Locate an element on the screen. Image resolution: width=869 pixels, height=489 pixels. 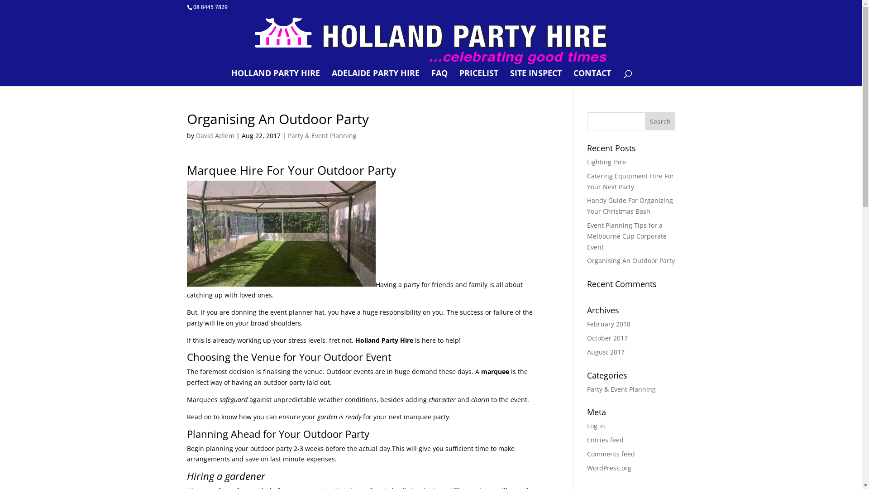
'08 8445 7829' is located at coordinates (210, 7).